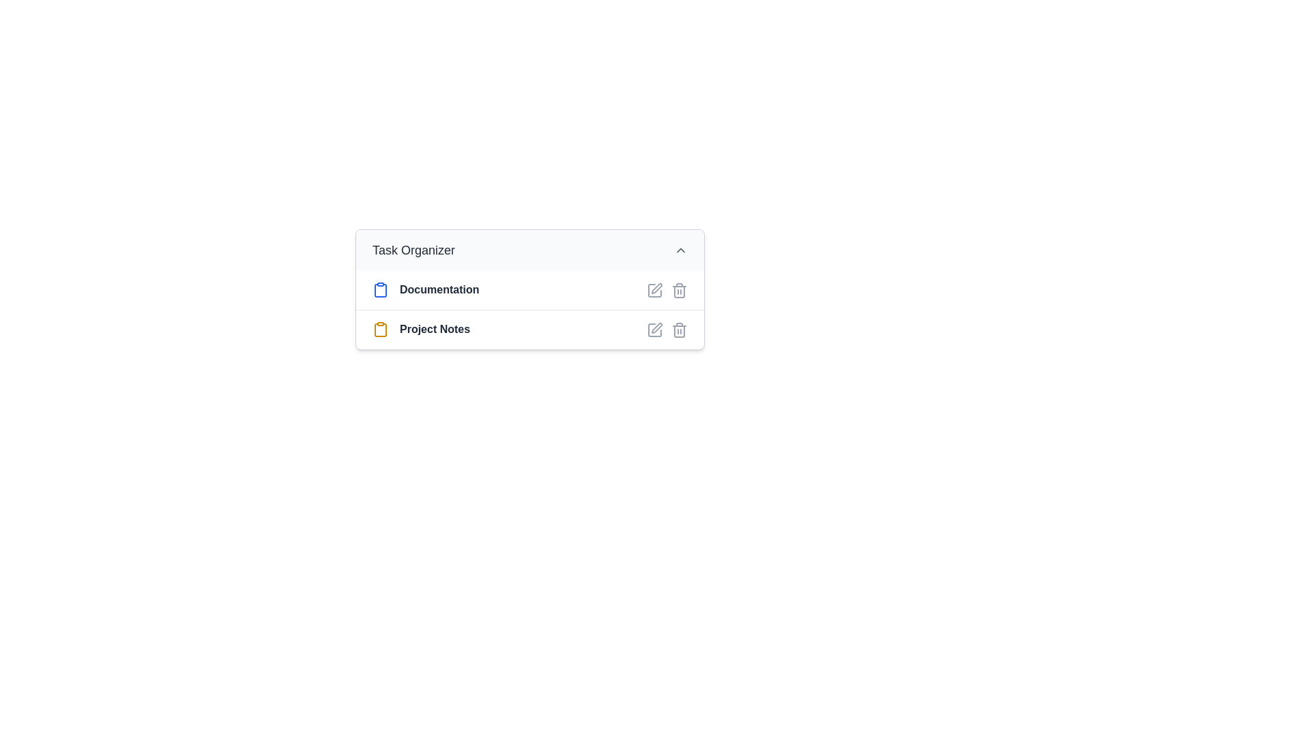  Describe the element at coordinates (380, 289) in the screenshot. I see `the blue clipboard icon located in the left cell of the first row of the table` at that location.